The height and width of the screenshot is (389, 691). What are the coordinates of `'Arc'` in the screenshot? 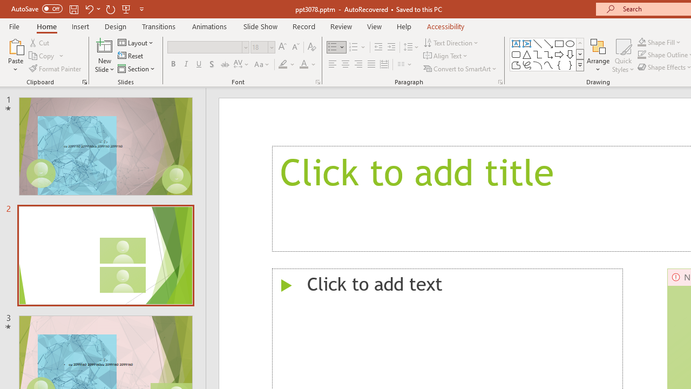 It's located at (537, 65).